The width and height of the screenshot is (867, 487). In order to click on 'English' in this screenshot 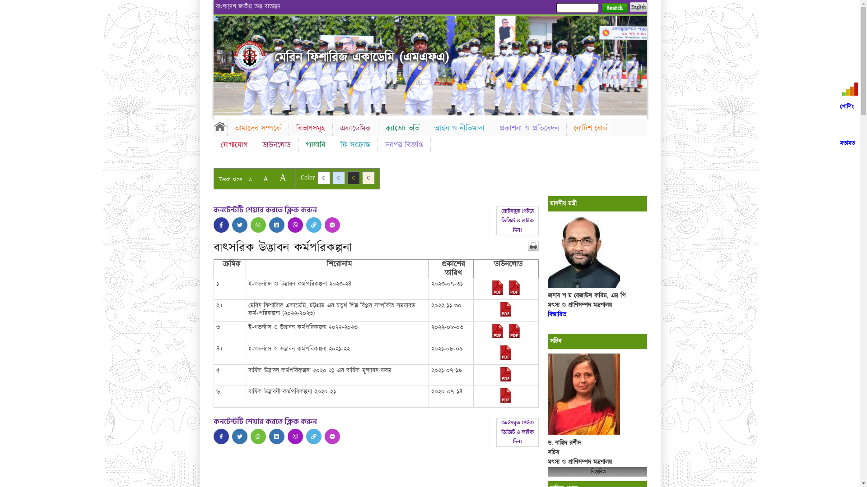, I will do `click(629, 7)`.